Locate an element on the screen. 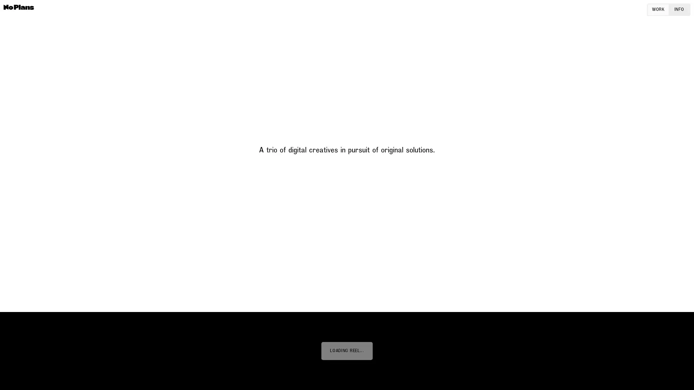 The image size is (694, 390). LOADING REEL... is located at coordinates (346, 351).